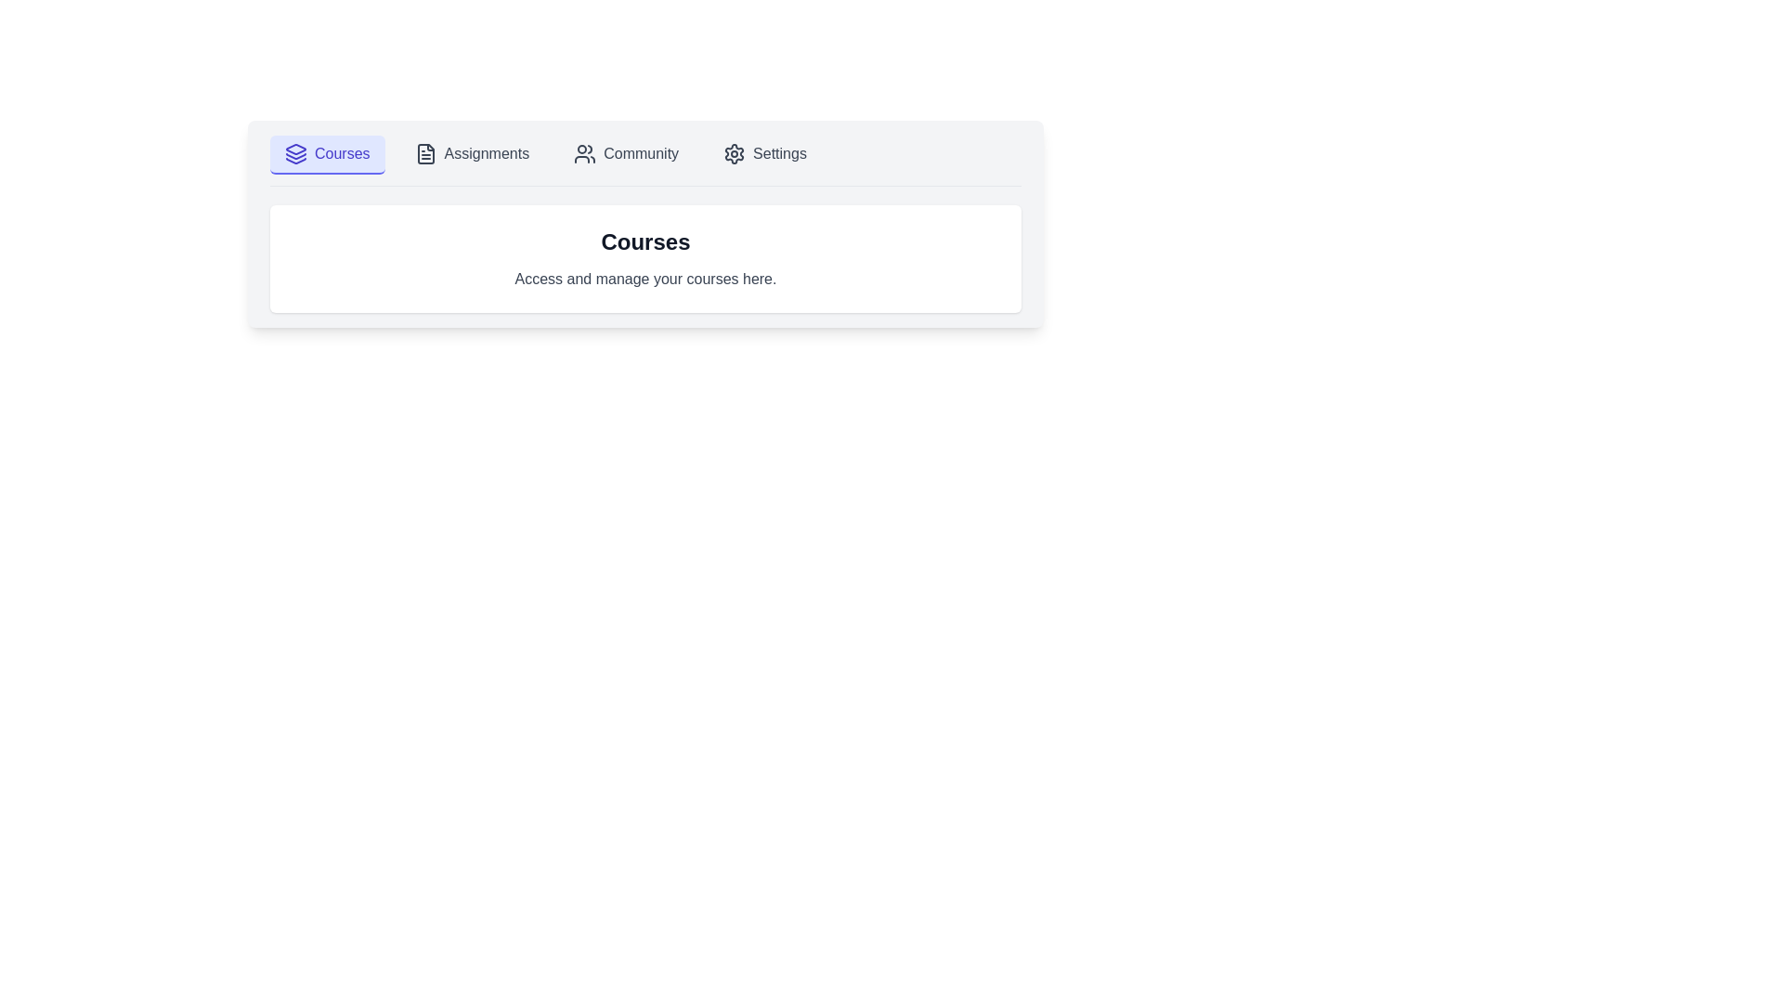  What do you see at coordinates (734, 152) in the screenshot?
I see `the gear-shaped icon representing settings, which is the leftmost icon within the 'Settings' button in the top navigation bar` at bounding box center [734, 152].